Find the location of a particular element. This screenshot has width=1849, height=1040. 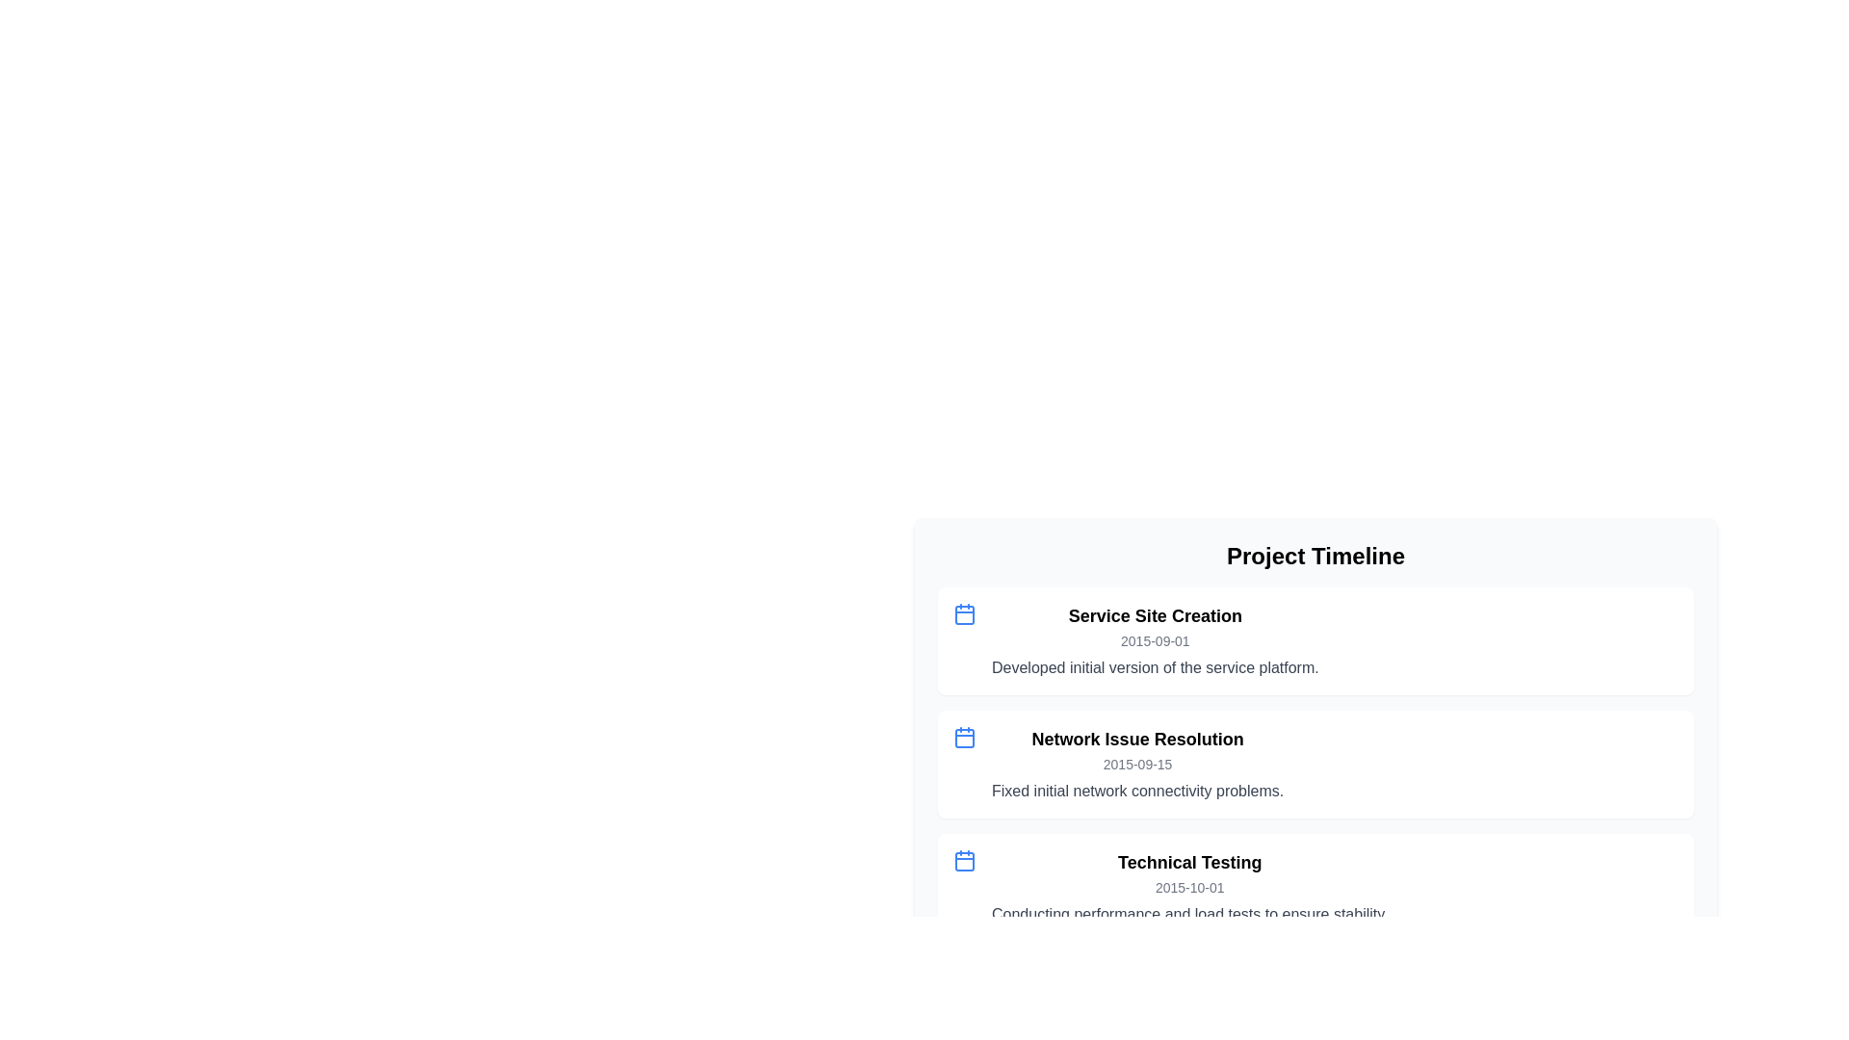

the text block containing the title 'Technical Testing', which is the third item in the vertical timeline list of events, for potential interactions is located at coordinates (1188, 887).